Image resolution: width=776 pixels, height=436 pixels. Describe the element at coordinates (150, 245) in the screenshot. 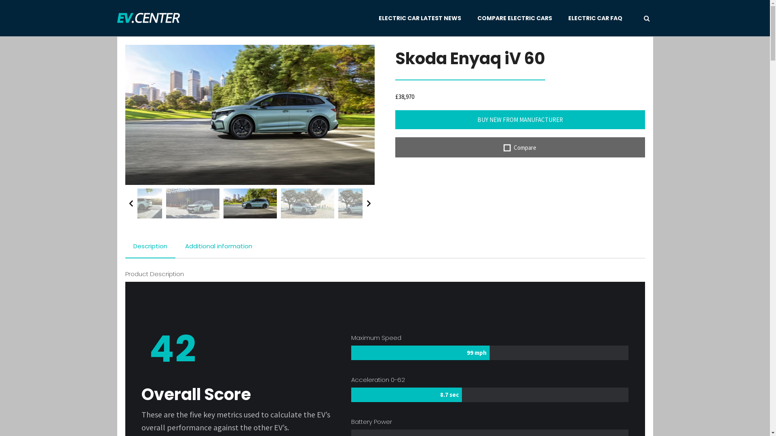

I see `'Description'` at that location.